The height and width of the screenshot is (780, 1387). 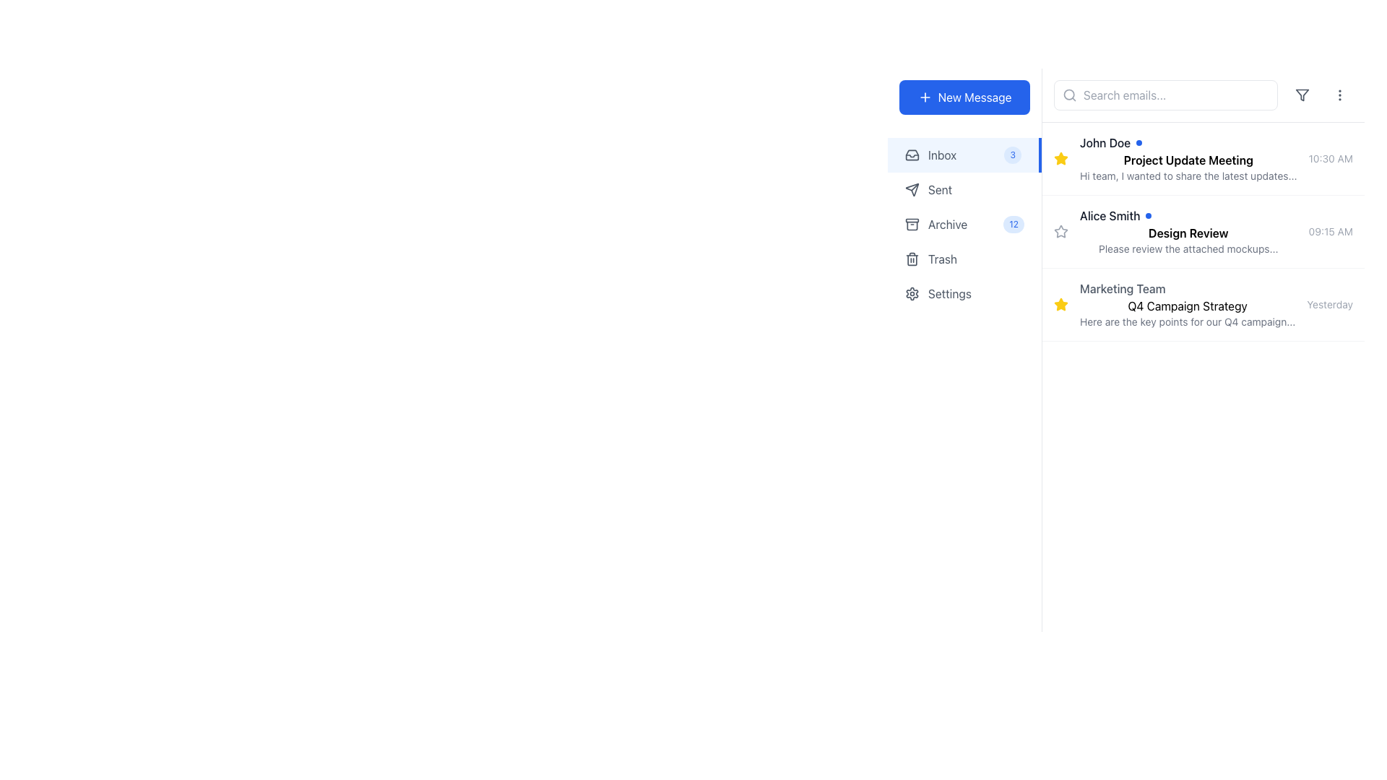 What do you see at coordinates (1188, 321) in the screenshot?
I see `truncated text content displaying 'Here are the key points for our Q4 campaign...' located in the middle-right area of the messaging interface` at bounding box center [1188, 321].